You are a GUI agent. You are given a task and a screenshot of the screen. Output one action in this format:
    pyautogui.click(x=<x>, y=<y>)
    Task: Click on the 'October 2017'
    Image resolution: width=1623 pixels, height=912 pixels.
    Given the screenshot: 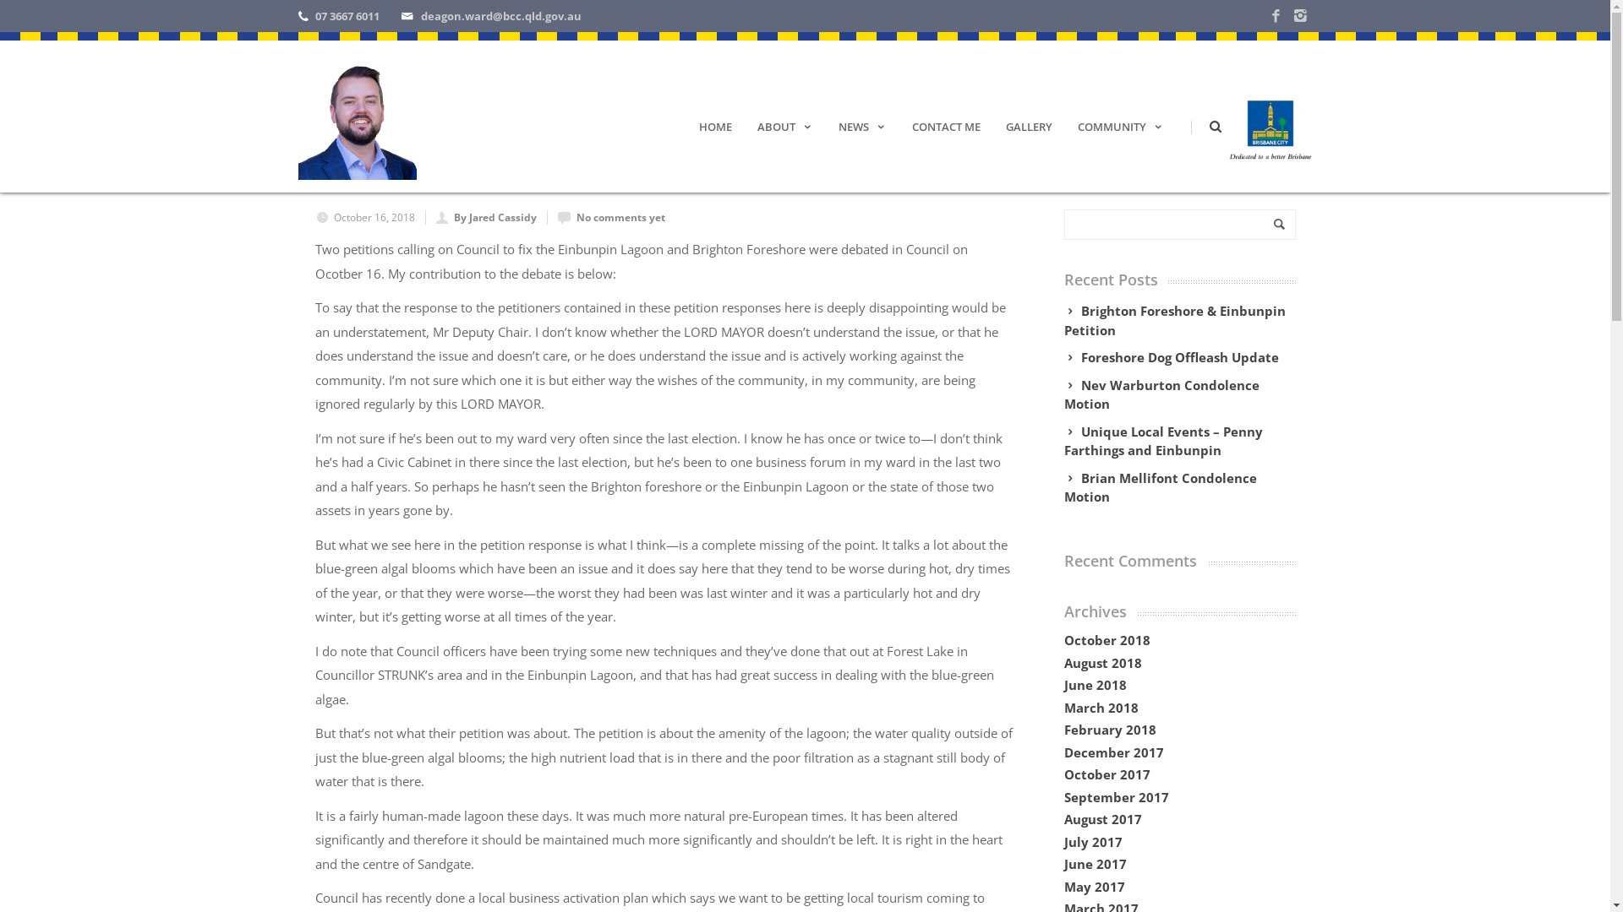 What is the action you would take?
    pyautogui.click(x=1107, y=774)
    